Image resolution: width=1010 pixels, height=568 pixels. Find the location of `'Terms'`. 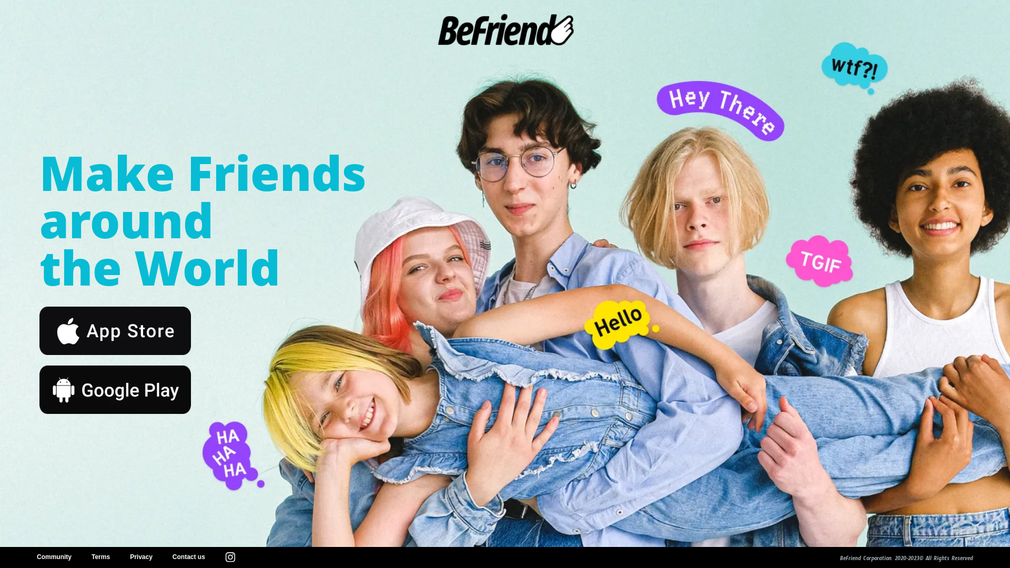

'Terms' is located at coordinates (91, 556).